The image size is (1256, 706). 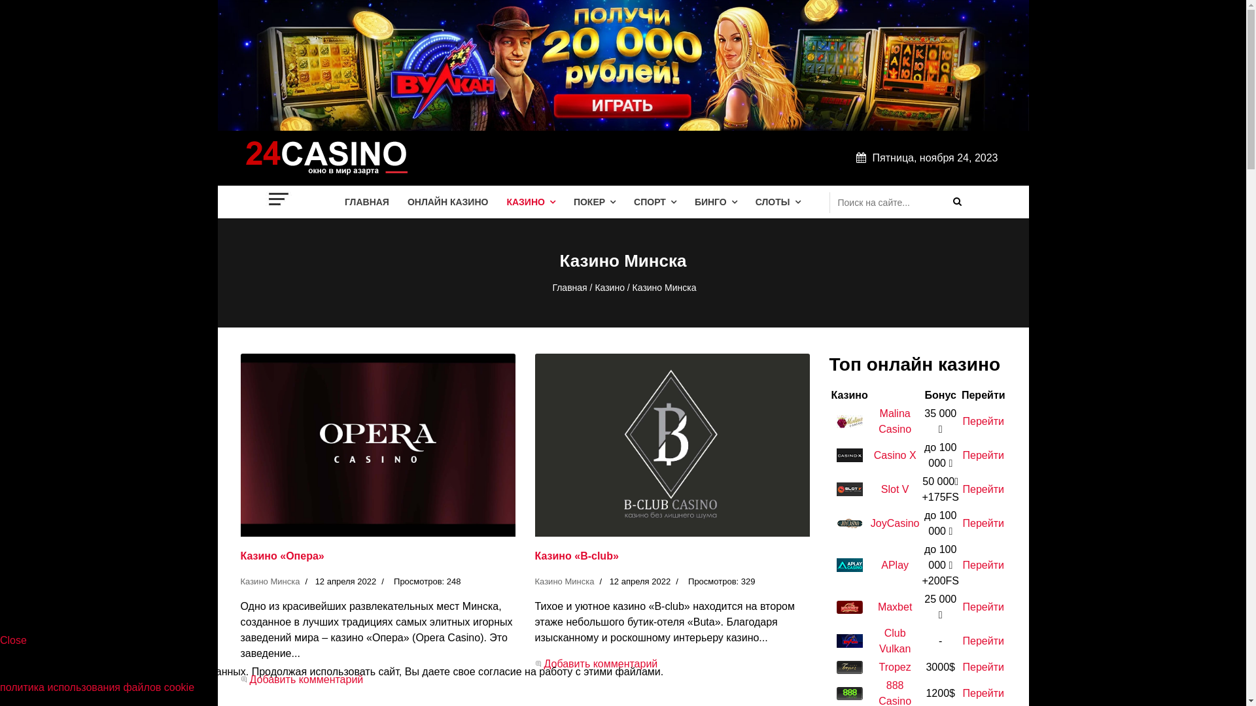 What do you see at coordinates (894, 454) in the screenshot?
I see `'Casino X'` at bounding box center [894, 454].